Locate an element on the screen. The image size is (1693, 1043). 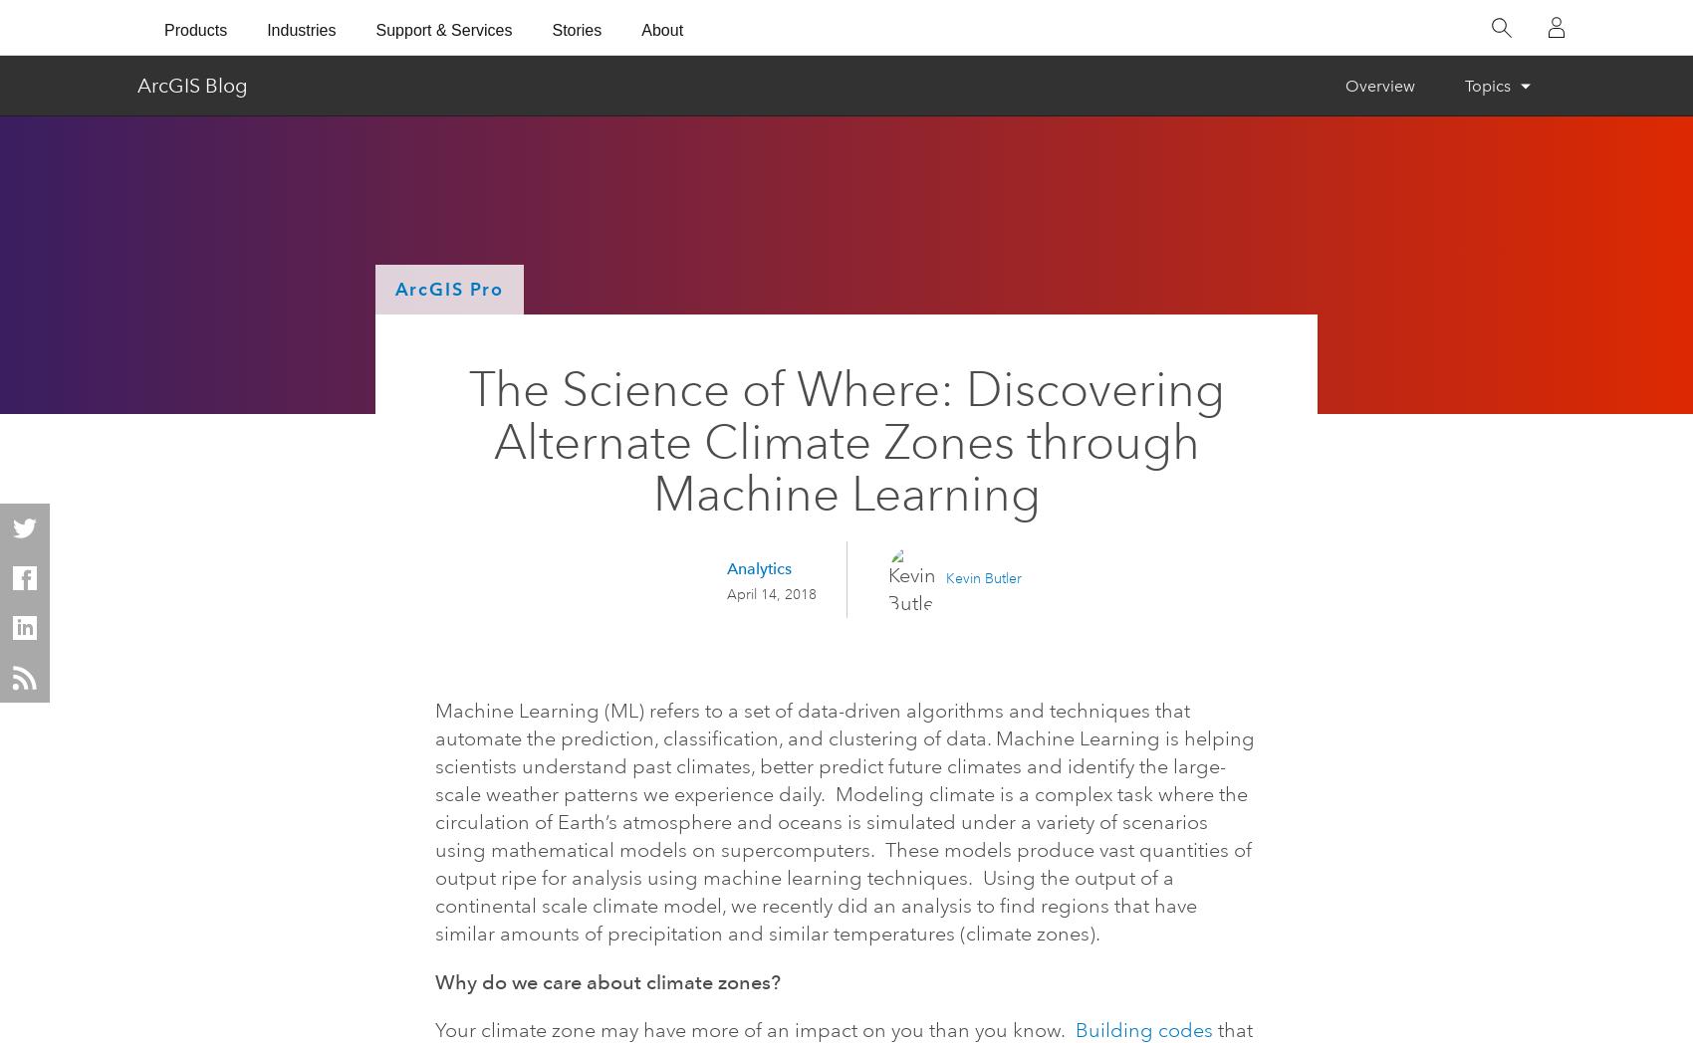
'Cancel' is located at coordinates (1542, 670).